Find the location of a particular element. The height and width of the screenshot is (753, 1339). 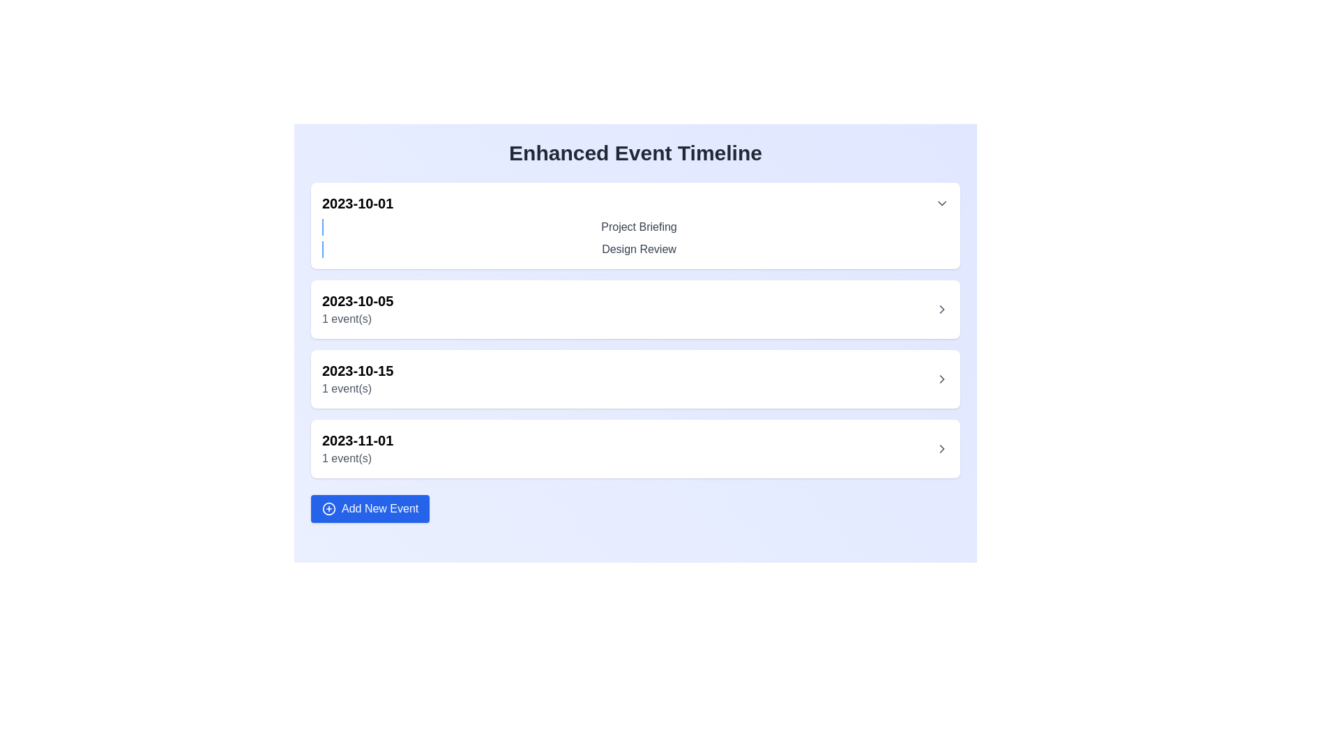

the clickable list item summarizing the event on the date '2023-10-05' is located at coordinates (635, 308).